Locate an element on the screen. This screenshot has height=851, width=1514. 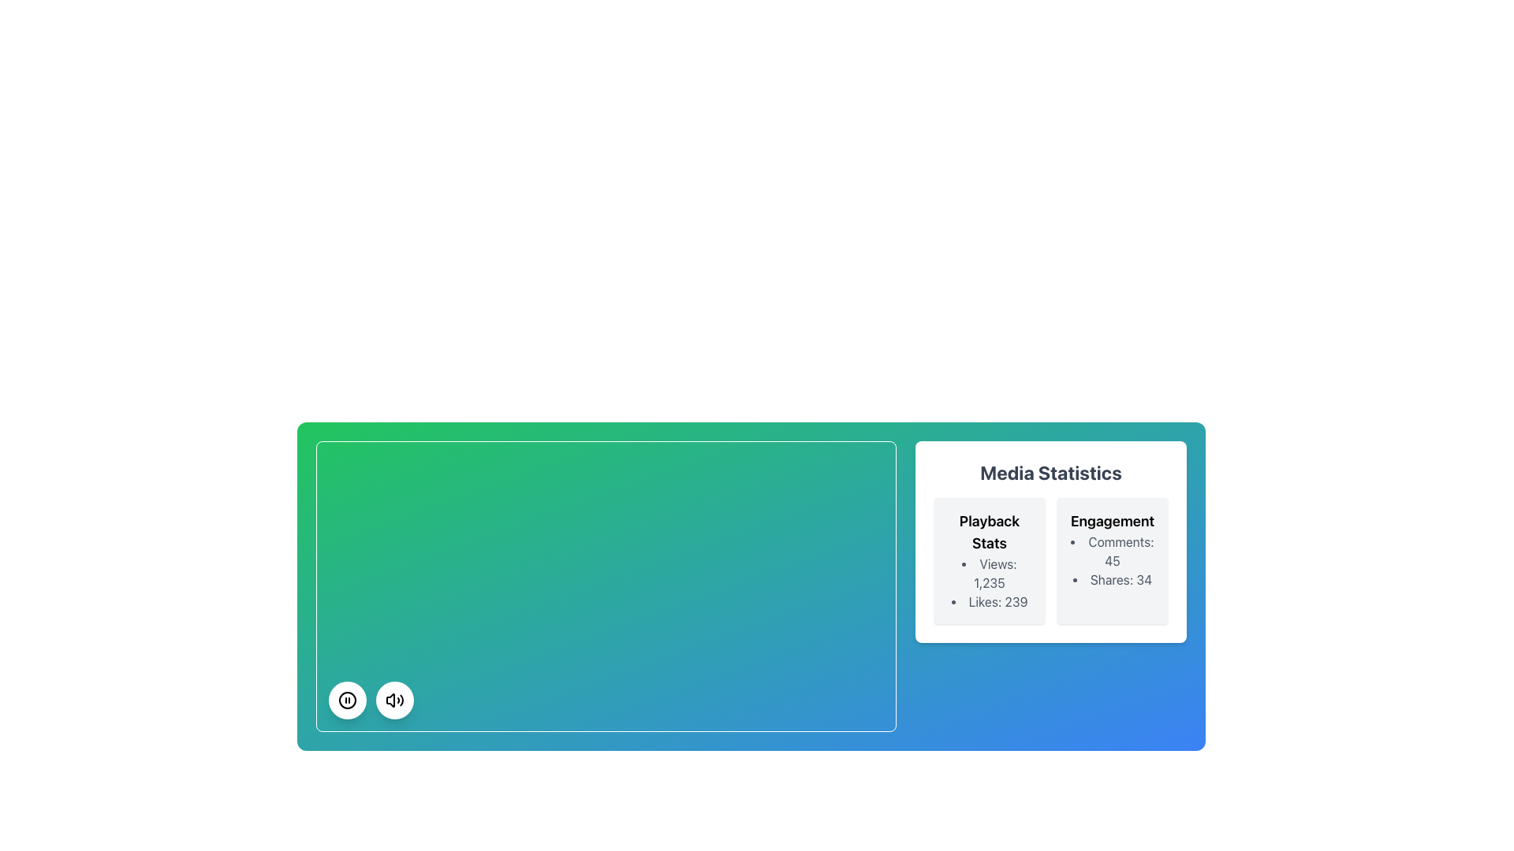
the second text label in the 'Engagement' section of the 'Media Statistics' panel, which displays the share count, located below the 'Comments: 45' entry is located at coordinates (1112, 580).